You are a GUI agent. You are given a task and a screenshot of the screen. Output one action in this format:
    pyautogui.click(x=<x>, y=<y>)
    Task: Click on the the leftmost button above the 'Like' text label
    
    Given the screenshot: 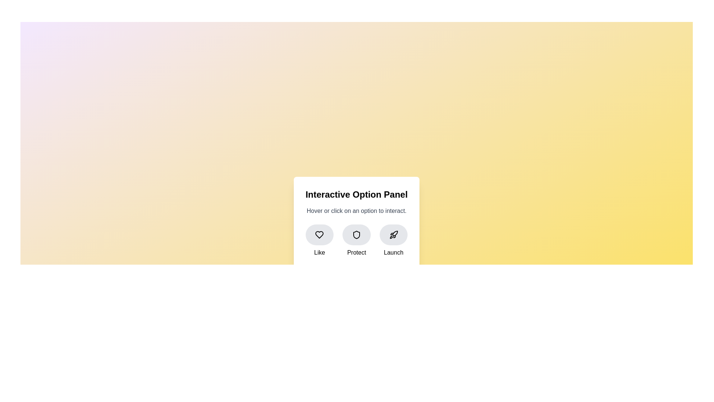 What is the action you would take?
    pyautogui.click(x=319, y=235)
    